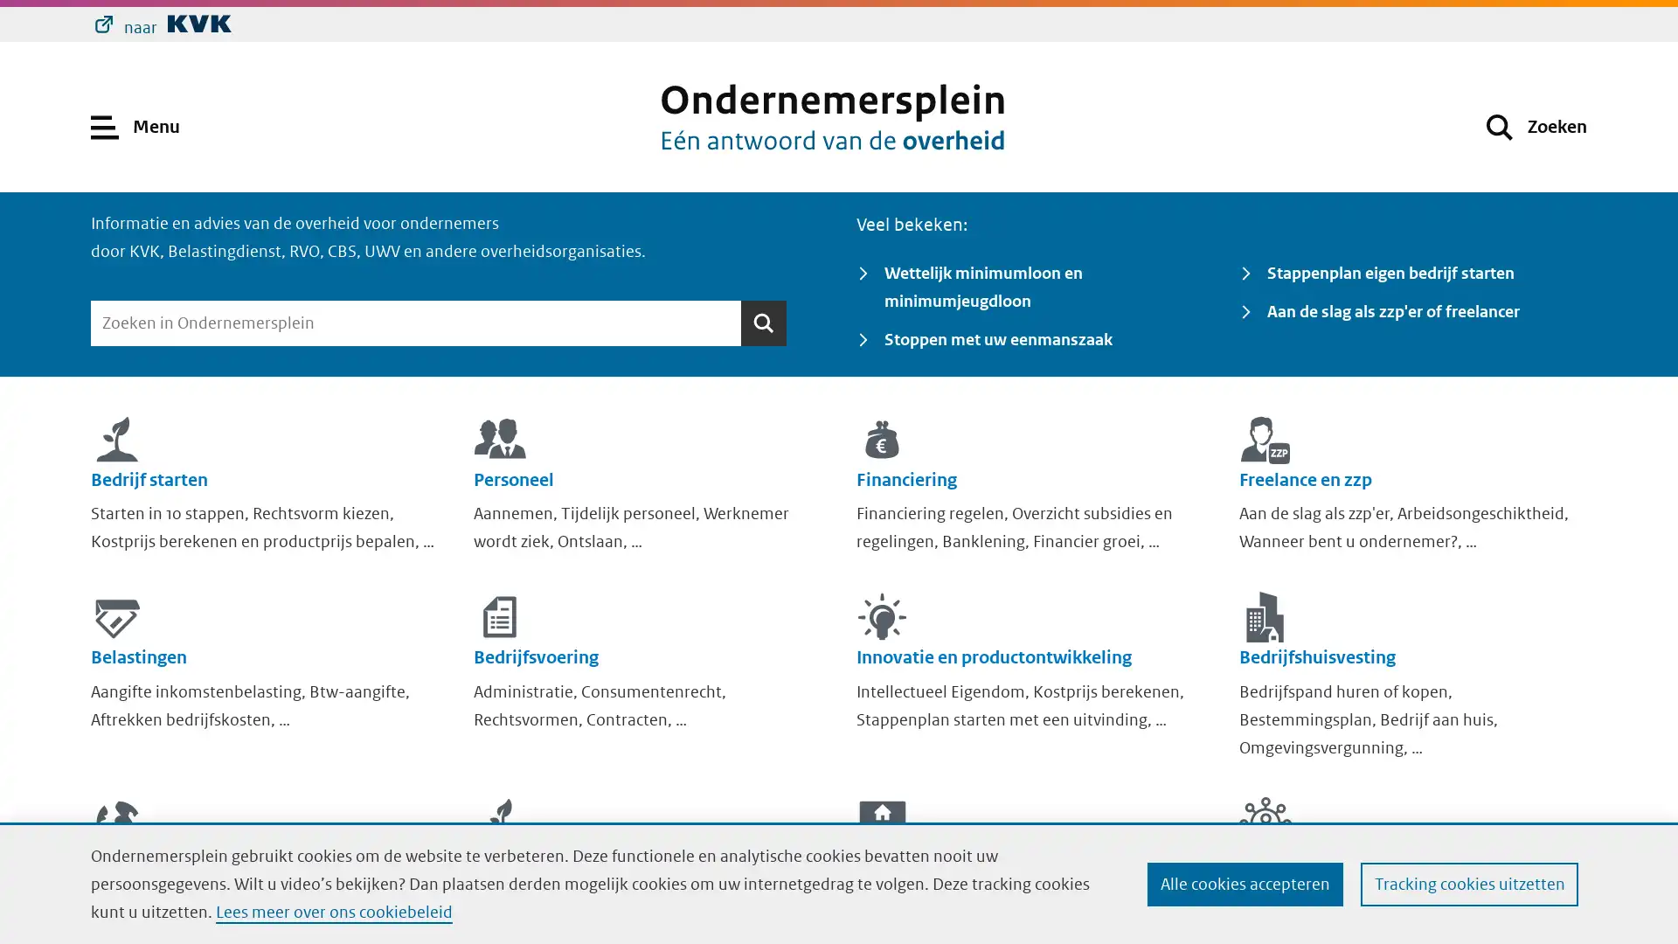 This screenshot has width=1678, height=944. I want to click on Zoeken Zoeken, so click(763, 323).